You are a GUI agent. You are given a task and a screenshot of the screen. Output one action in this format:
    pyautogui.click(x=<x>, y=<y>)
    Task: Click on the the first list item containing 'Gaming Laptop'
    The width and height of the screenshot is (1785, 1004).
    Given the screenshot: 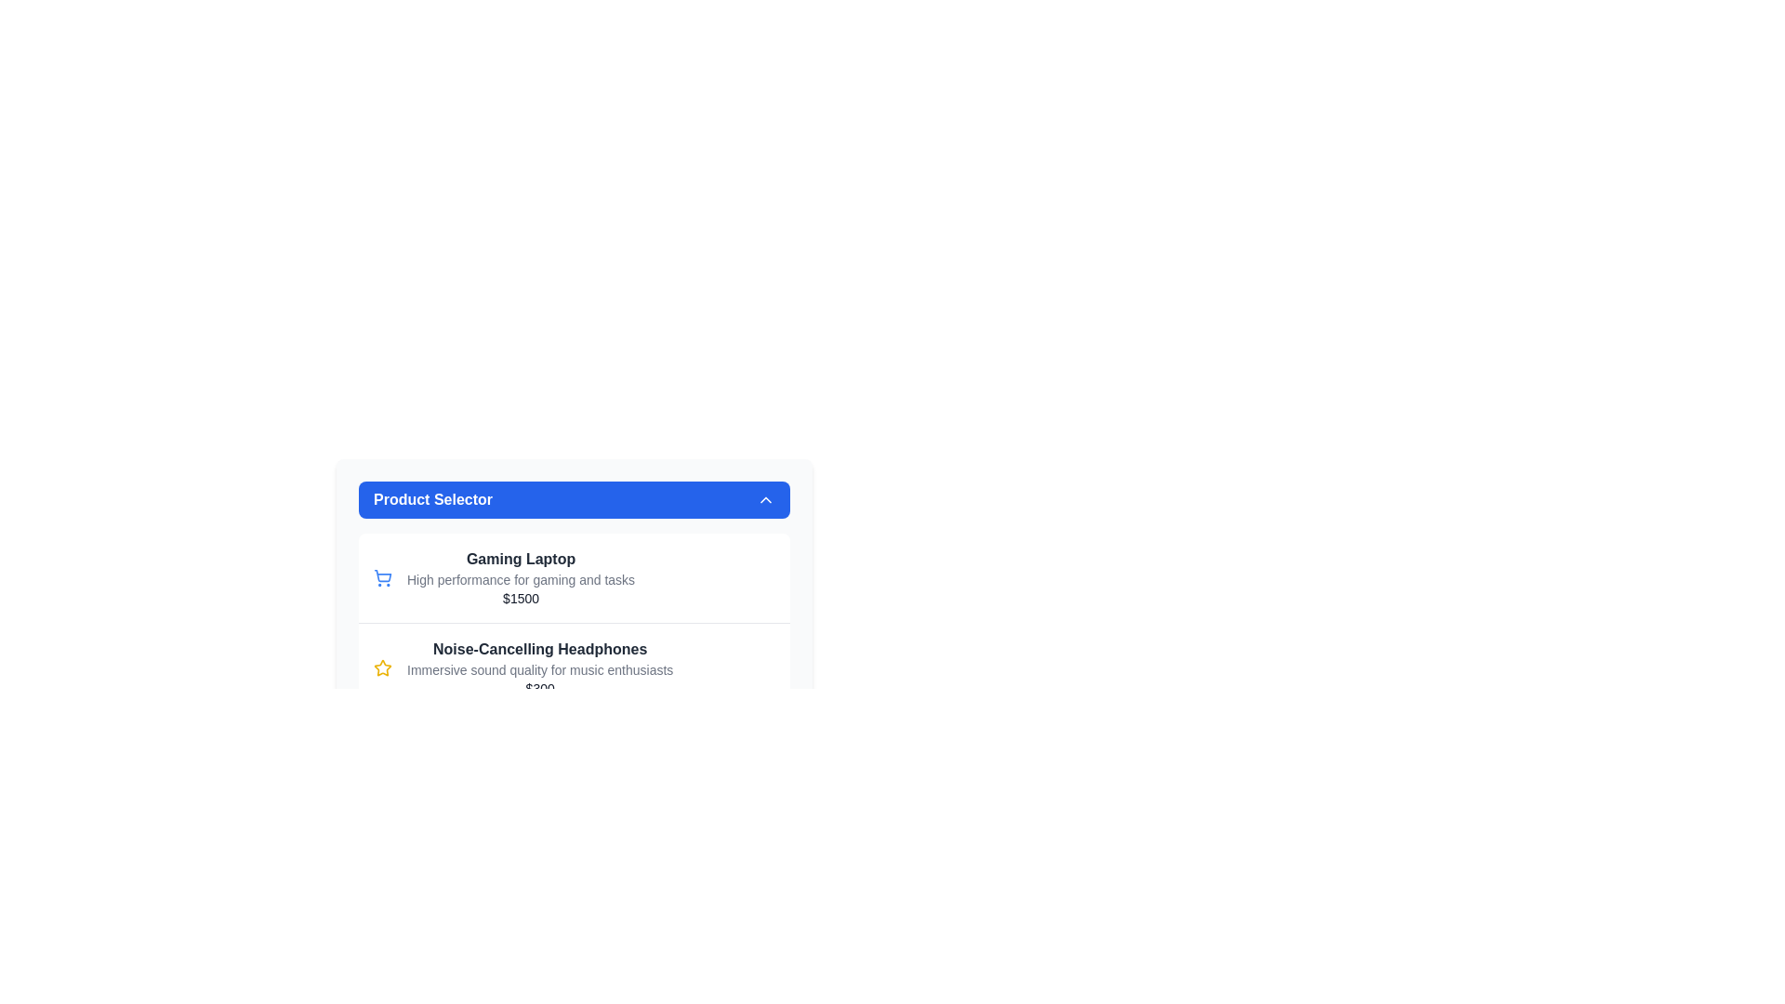 What is the action you would take?
    pyautogui.click(x=574, y=547)
    